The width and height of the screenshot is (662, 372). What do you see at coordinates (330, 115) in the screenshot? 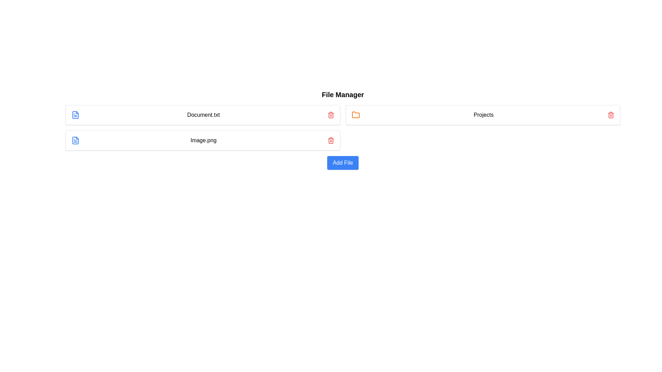
I see `the red trash can icon at the far-right end of the row labeled 'Document.txt'` at bounding box center [330, 115].